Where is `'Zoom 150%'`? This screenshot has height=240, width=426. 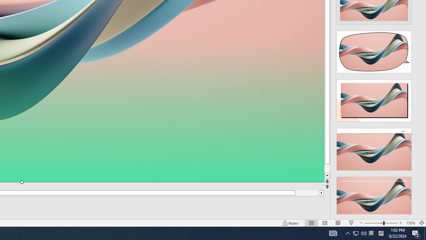
'Zoom 150%' is located at coordinates (410, 223).